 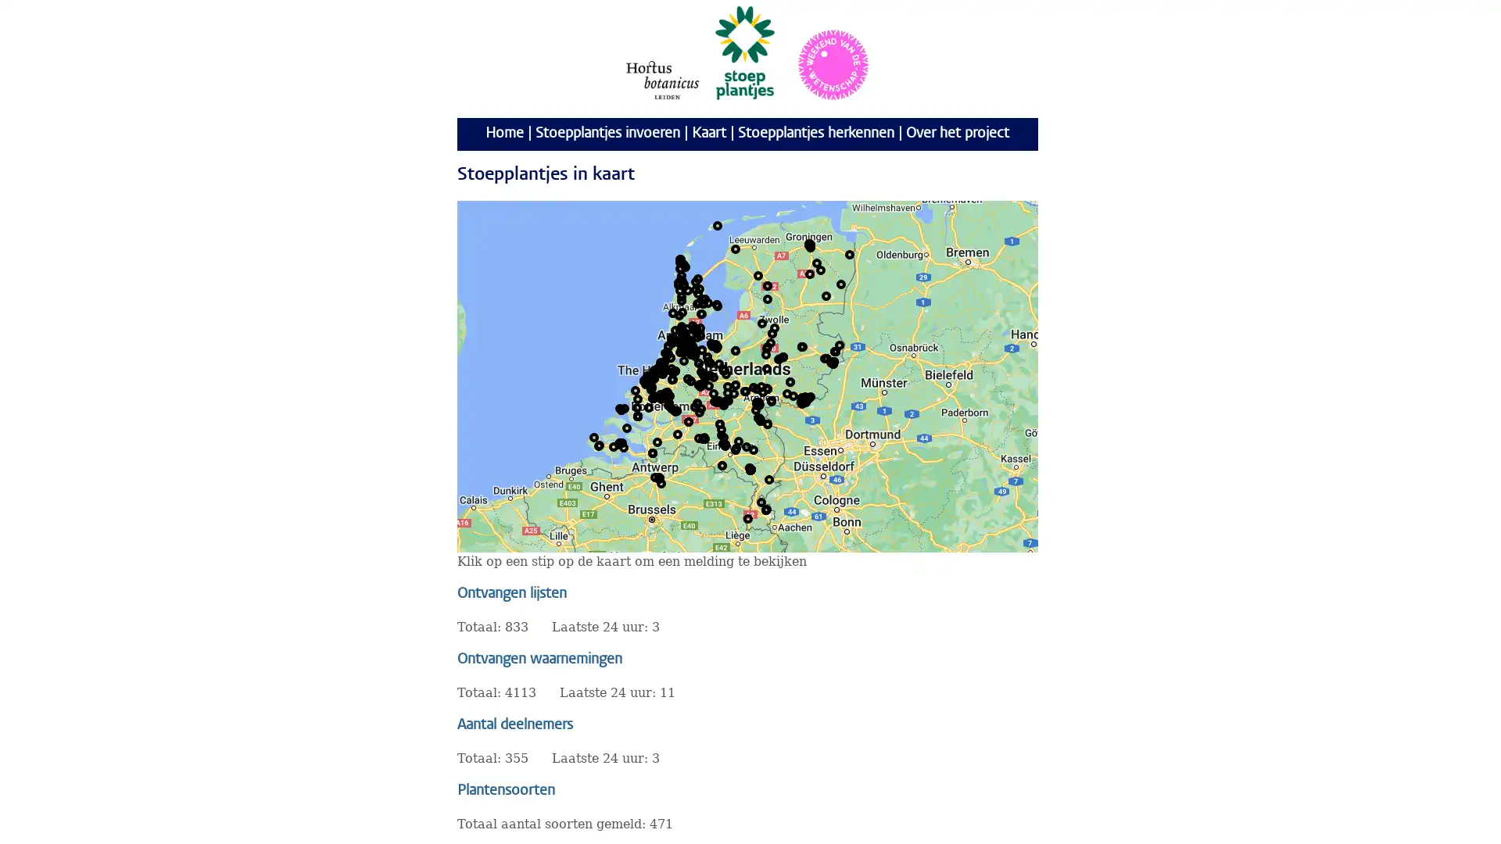 I want to click on Telling van MS op 22 mei 2022, so click(x=692, y=345).